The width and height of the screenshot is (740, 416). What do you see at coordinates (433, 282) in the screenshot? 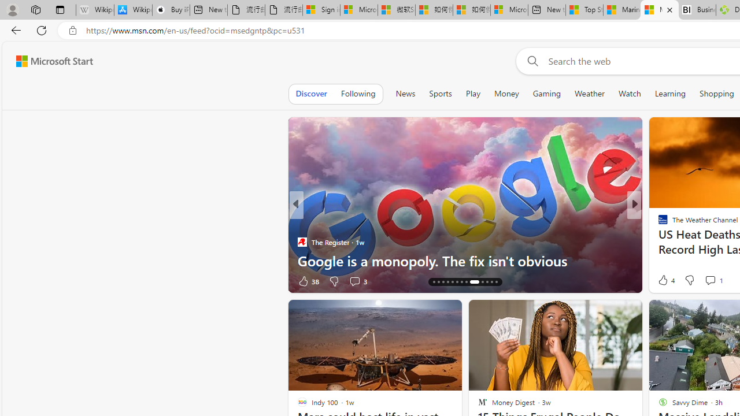
I see `'AutomationID: tab-14'` at bounding box center [433, 282].